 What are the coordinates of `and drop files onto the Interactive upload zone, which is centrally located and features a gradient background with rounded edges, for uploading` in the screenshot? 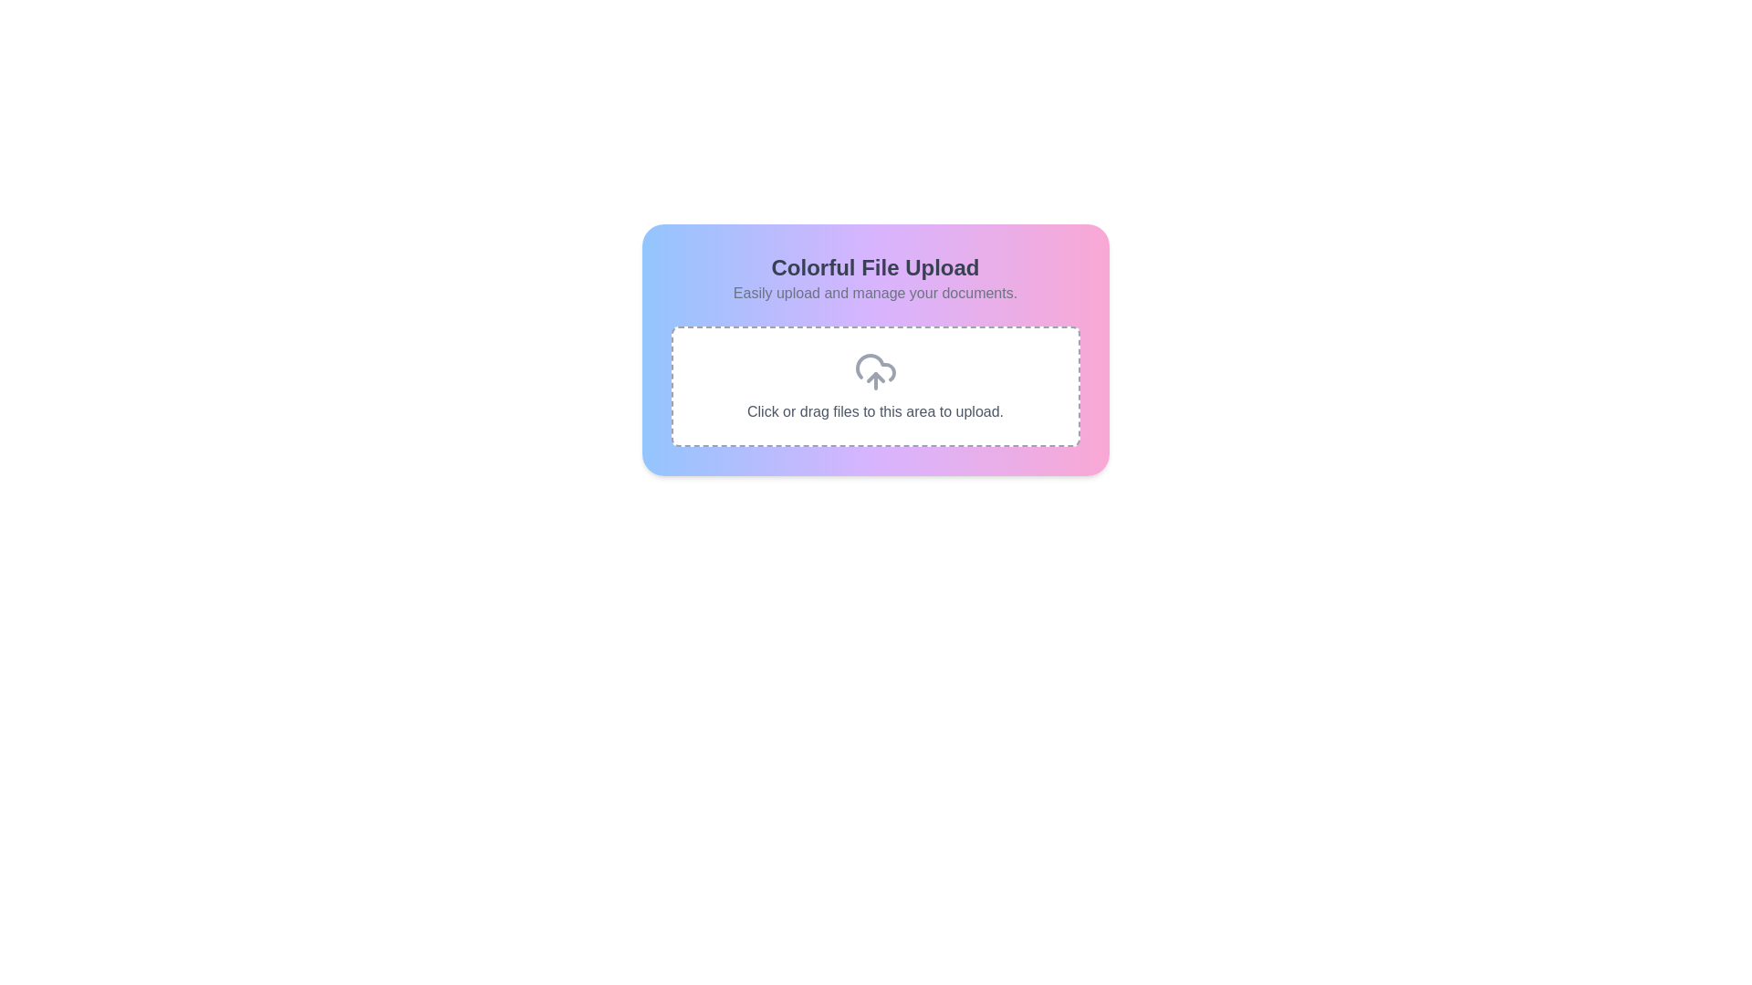 It's located at (874, 350).